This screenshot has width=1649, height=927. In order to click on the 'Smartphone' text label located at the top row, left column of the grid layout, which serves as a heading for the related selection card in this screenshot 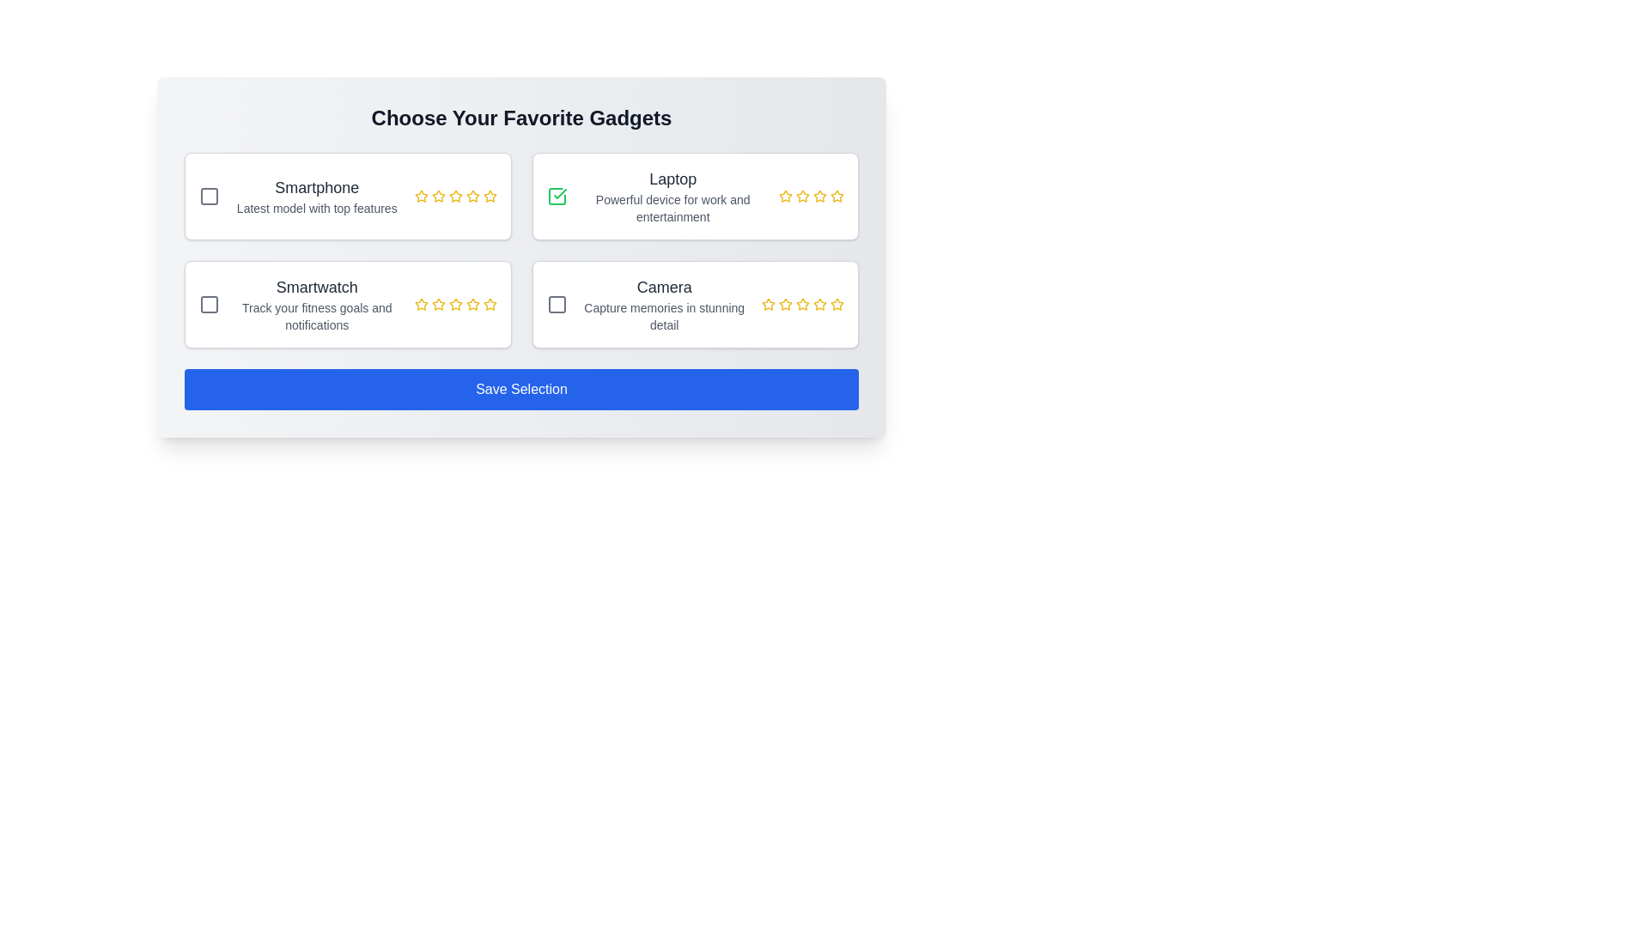, I will do `click(317, 188)`.